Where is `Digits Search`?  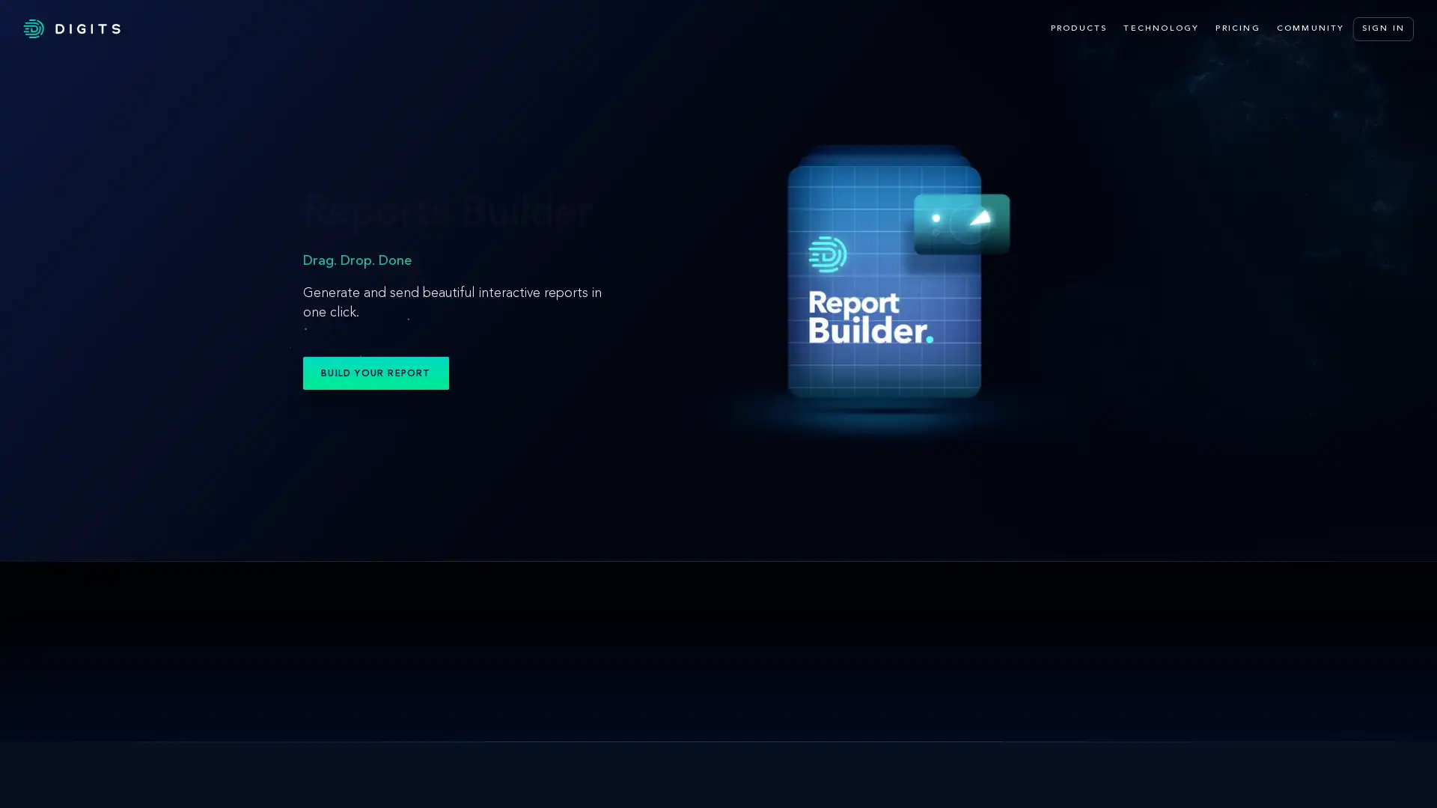 Digits Search is located at coordinates (718, 466).